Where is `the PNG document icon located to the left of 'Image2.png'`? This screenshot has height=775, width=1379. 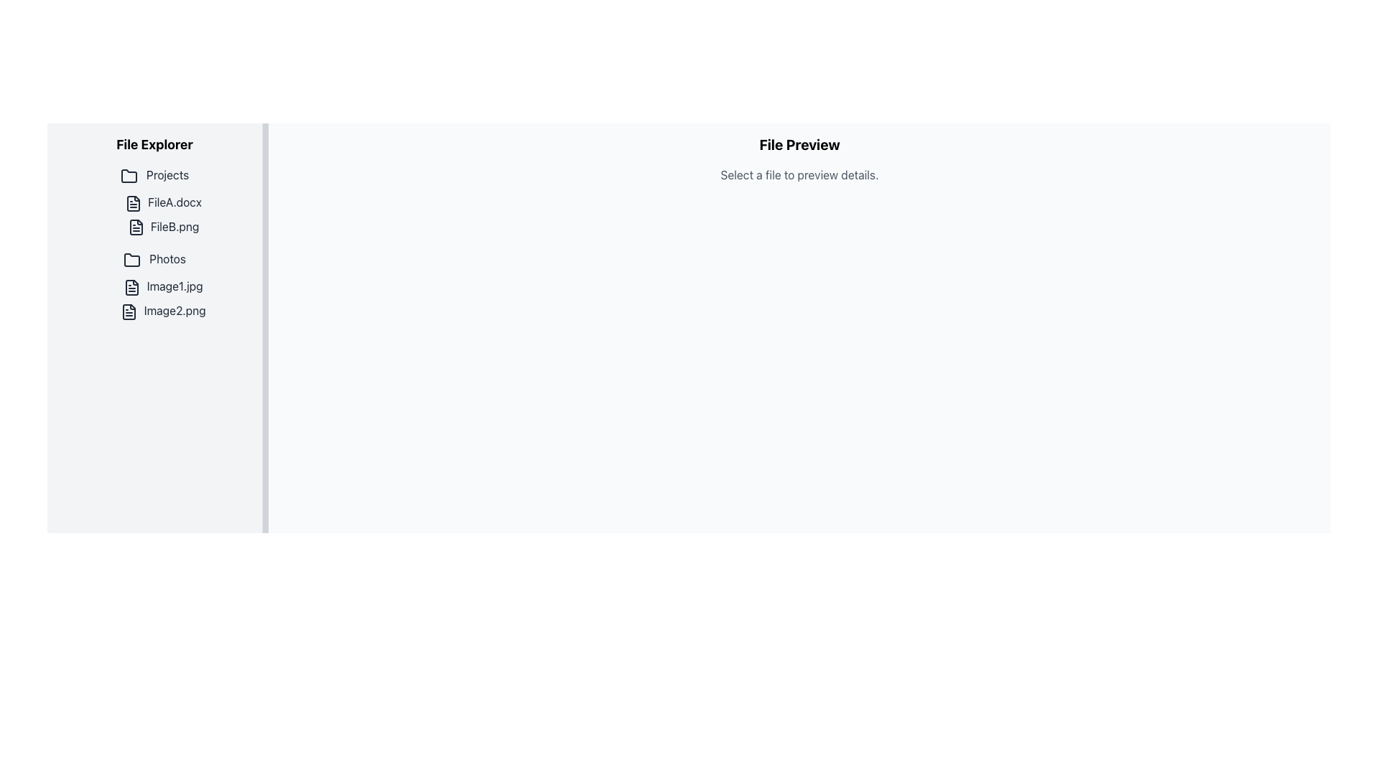
the PNG document icon located to the left of 'Image2.png' is located at coordinates (129, 311).